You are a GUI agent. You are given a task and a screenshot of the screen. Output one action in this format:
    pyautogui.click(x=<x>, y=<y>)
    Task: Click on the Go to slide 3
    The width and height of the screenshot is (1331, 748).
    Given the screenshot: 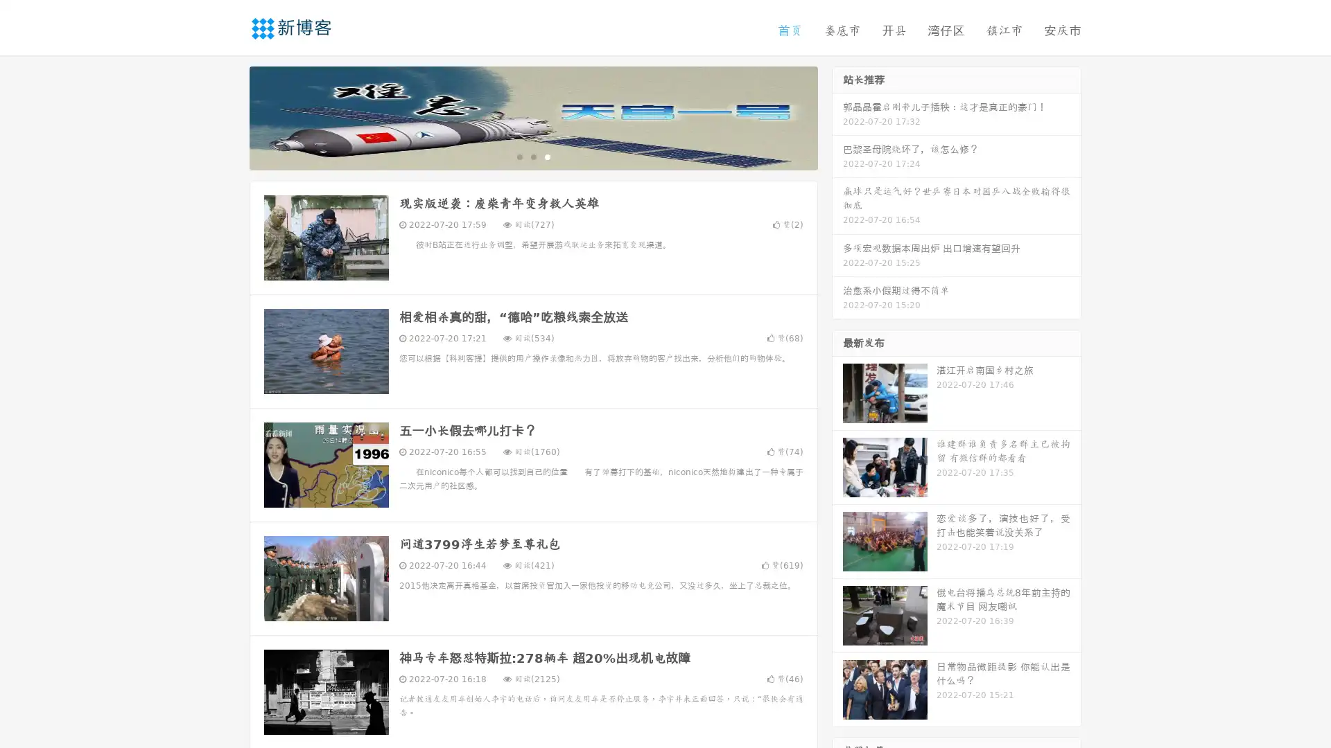 What is the action you would take?
    pyautogui.click(x=547, y=156)
    